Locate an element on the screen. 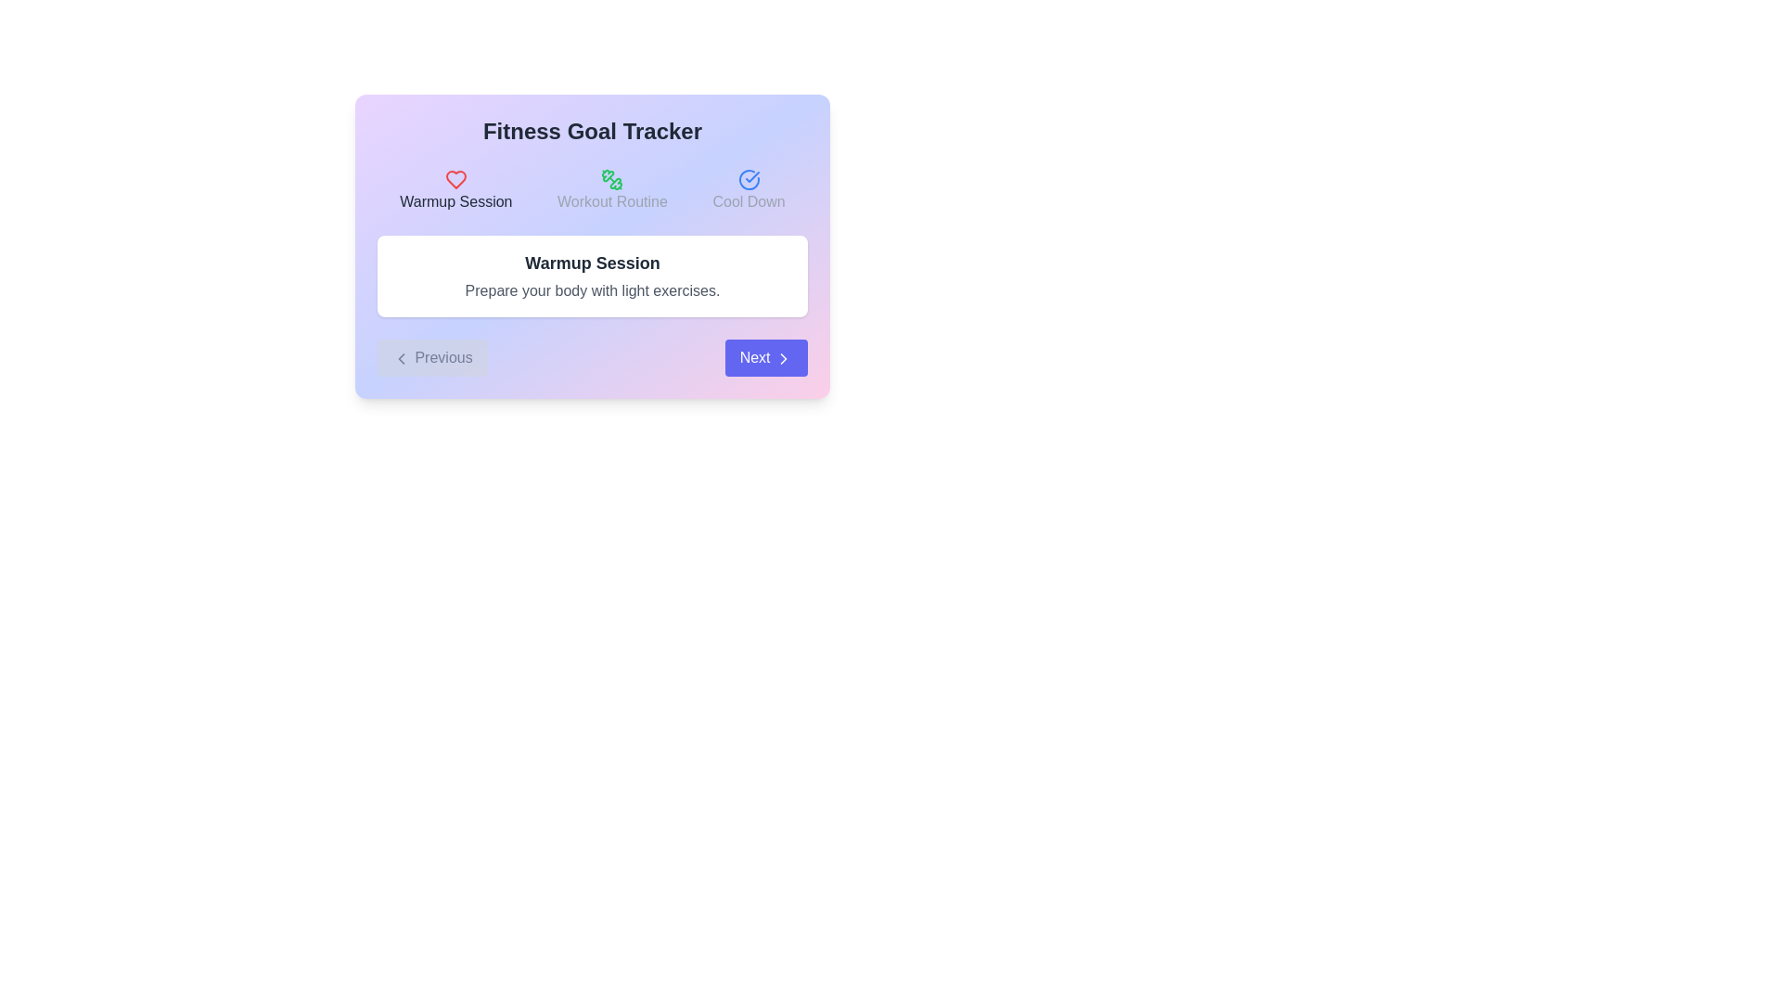 The width and height of the screenshot is (1781, 1002). the presence of the small rightward chevron icon within the 'Next' button to understand navigation direction is located at coordinates (783, 357).